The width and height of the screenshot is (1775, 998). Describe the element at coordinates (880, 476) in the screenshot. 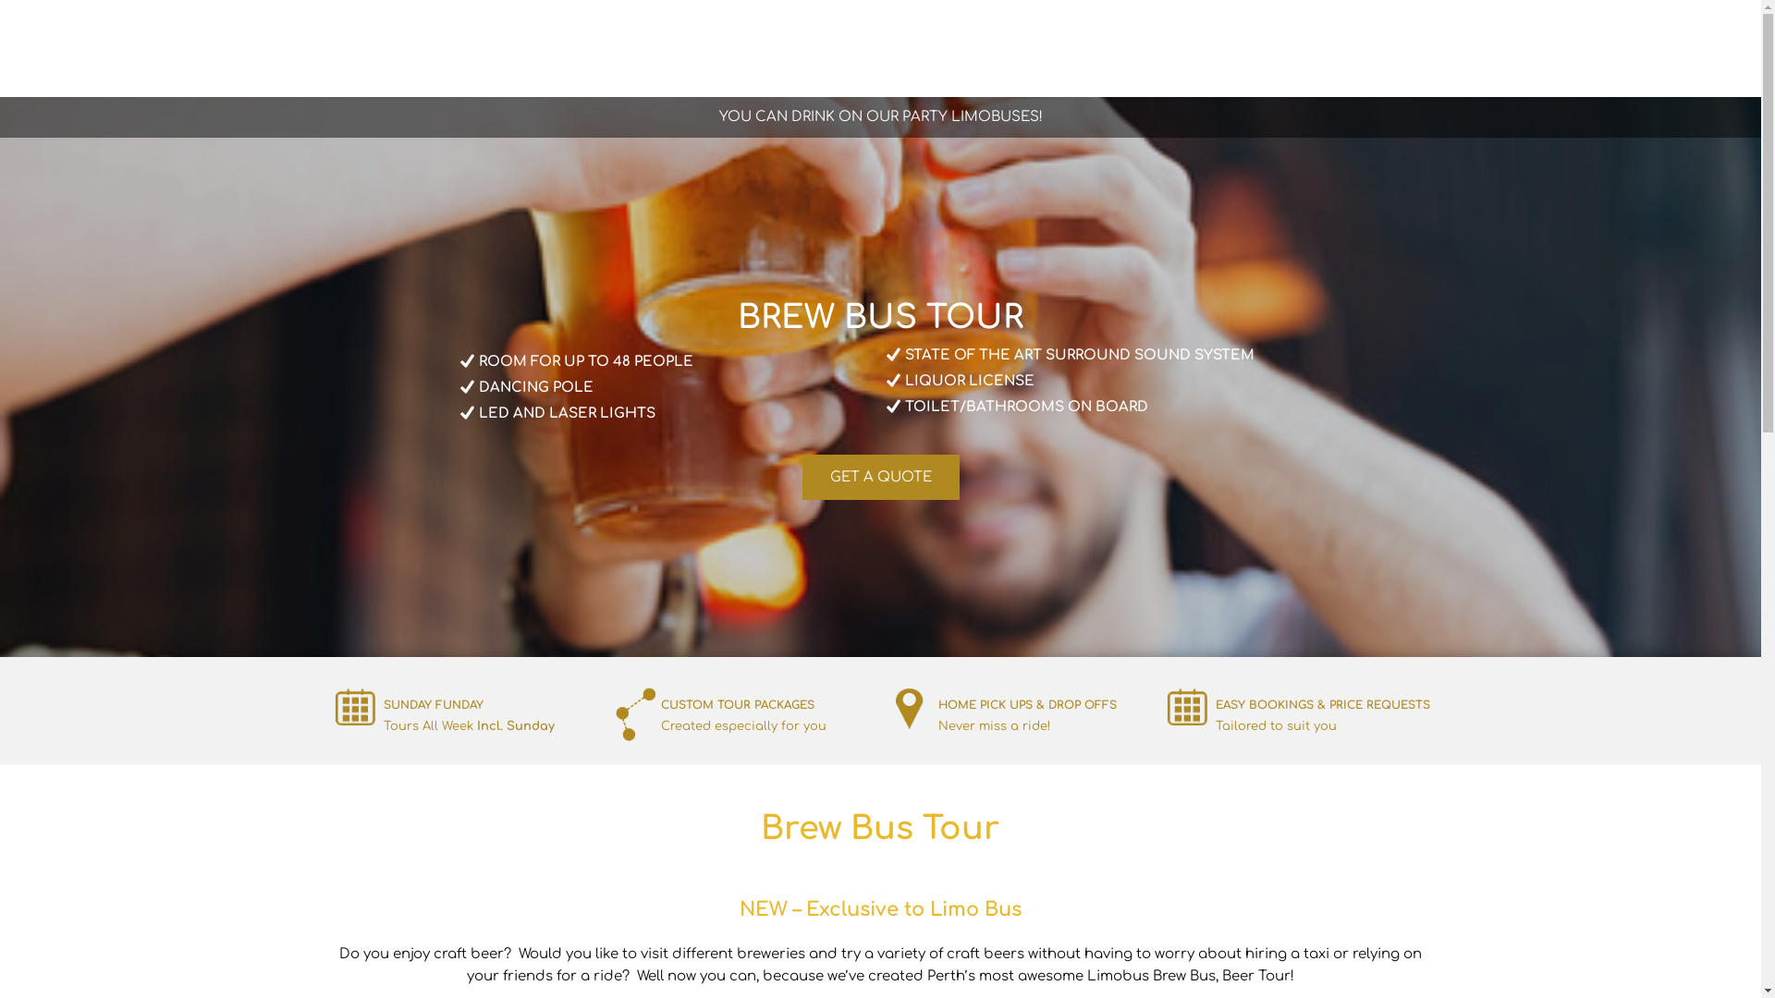

I see `'GET A QUOTE'` at that location.